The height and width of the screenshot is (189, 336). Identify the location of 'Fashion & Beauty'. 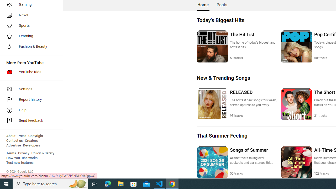
(29, 46).